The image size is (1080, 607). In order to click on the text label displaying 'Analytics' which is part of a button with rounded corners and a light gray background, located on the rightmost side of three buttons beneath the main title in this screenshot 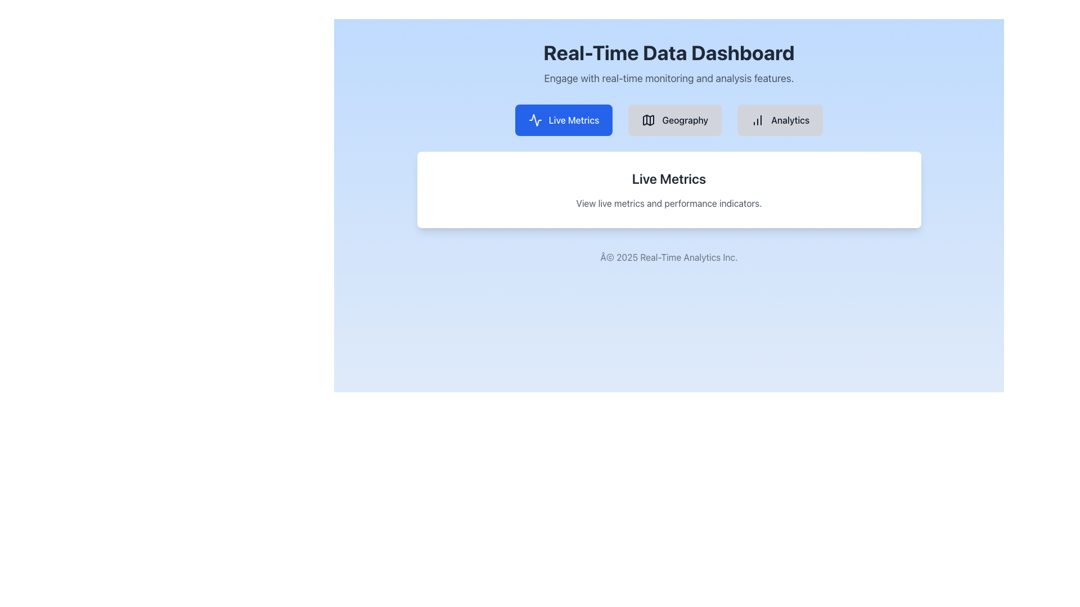, I will do `click(790, 120)`.